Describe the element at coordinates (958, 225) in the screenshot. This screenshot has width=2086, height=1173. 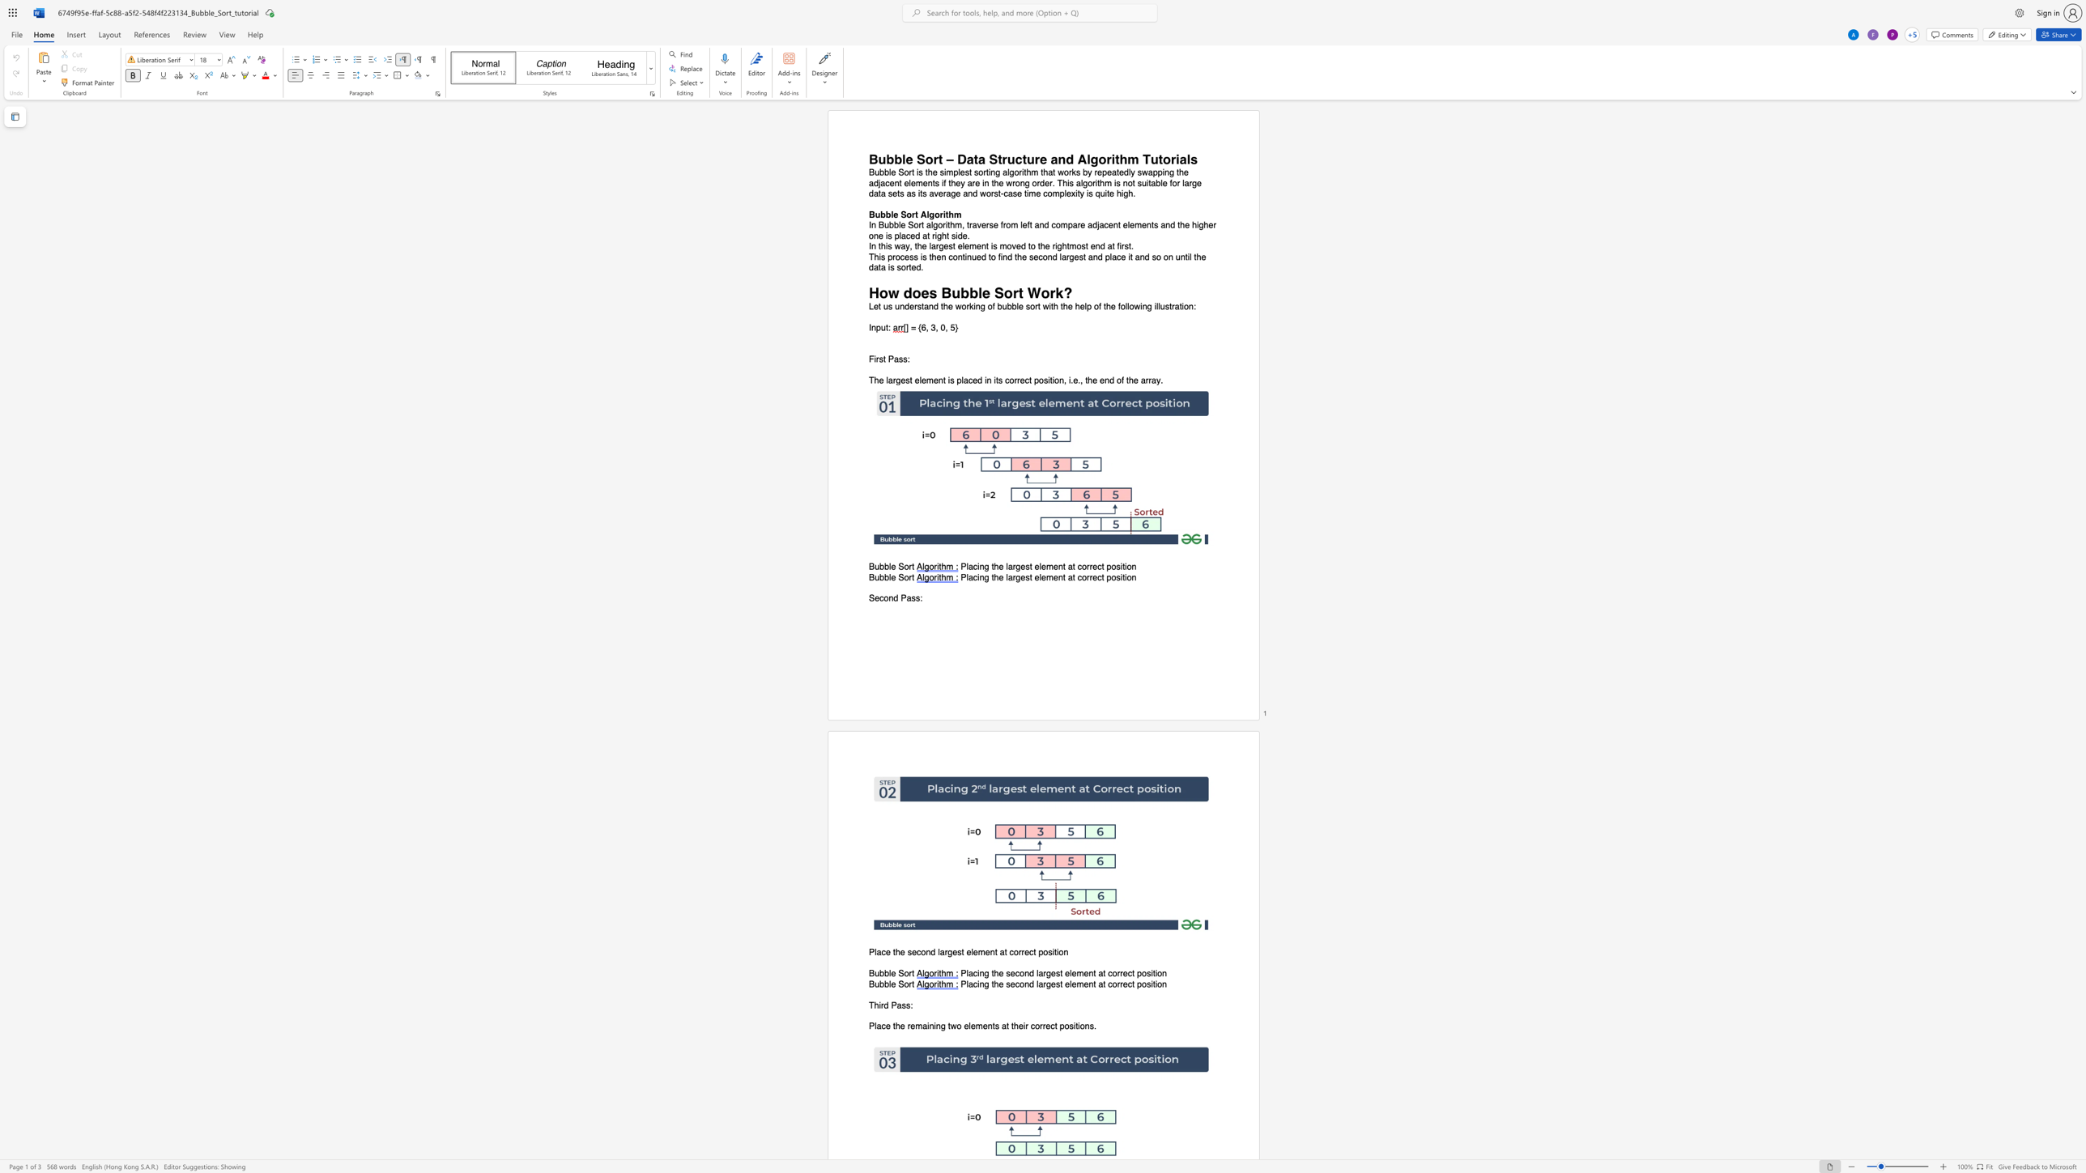
I see `the 1th character "m" in the text` at that location.